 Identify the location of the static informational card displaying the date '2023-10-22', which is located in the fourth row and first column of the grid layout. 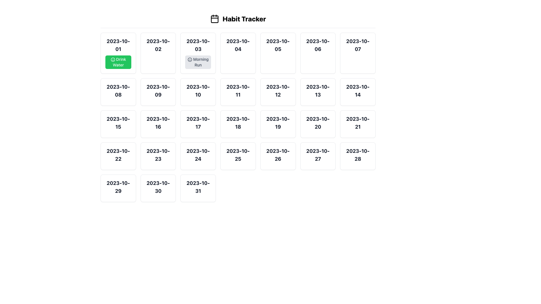
(118, 156).